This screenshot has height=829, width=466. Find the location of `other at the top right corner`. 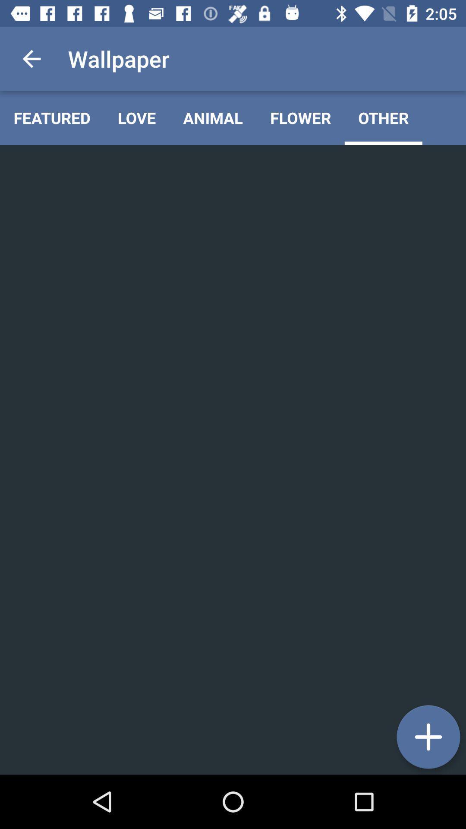

other at the top right corner is located at coordinates (383, 117).